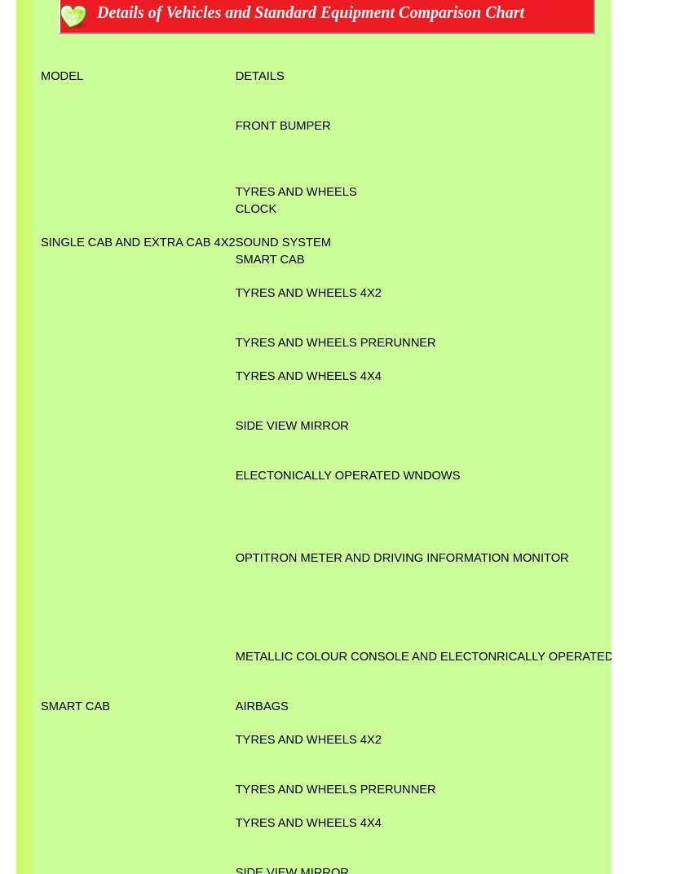  What do you see at coordinates (347, 473) in the screenshot?
I see `'ELECTONICALLY OPERATED WNDOWS'` at bounding box center [347, 473].